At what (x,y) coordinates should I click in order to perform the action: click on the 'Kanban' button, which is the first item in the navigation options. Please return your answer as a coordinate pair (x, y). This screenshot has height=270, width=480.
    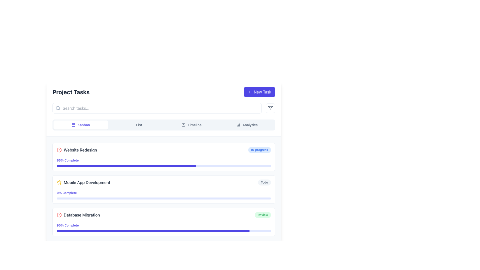
    Looking at the image, I should click on (80, 125).